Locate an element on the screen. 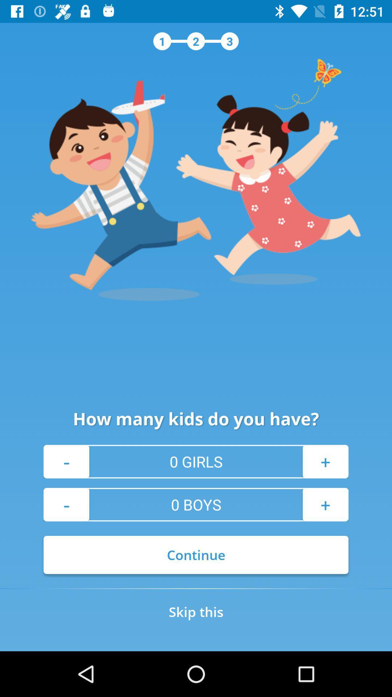 The image size is (392, 697). the - item is located at coordinates (66, 461).